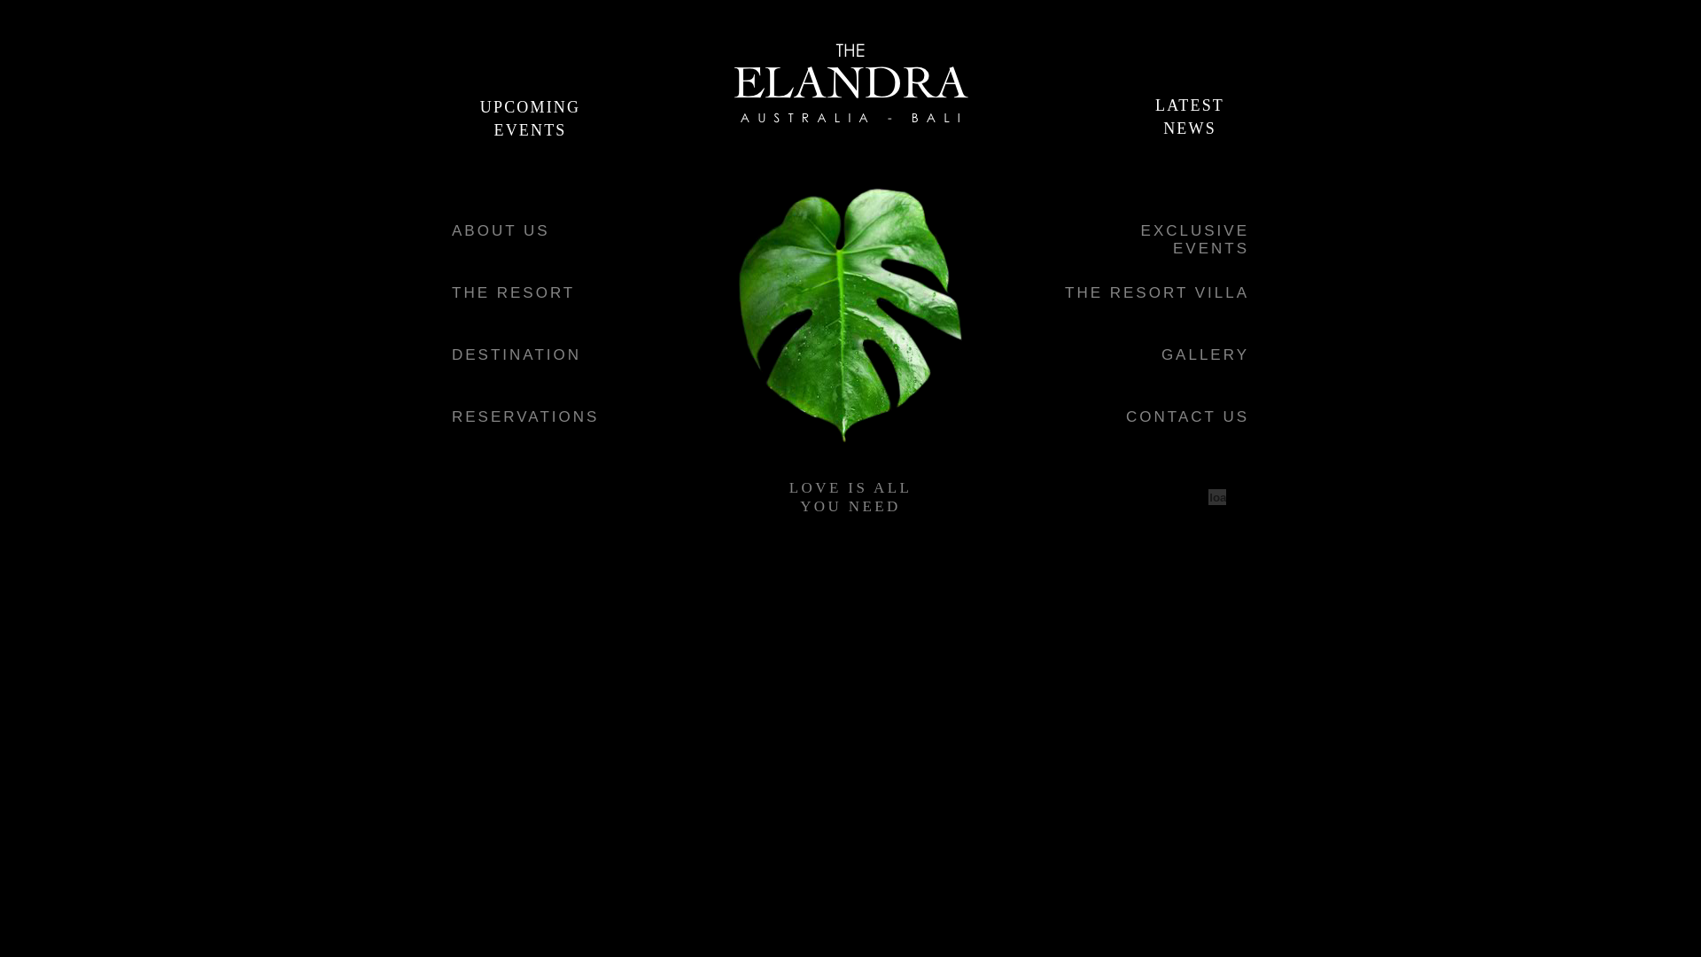 The image size is (1701, 957). I want to click on 'NEWS', so click(1190, 126).